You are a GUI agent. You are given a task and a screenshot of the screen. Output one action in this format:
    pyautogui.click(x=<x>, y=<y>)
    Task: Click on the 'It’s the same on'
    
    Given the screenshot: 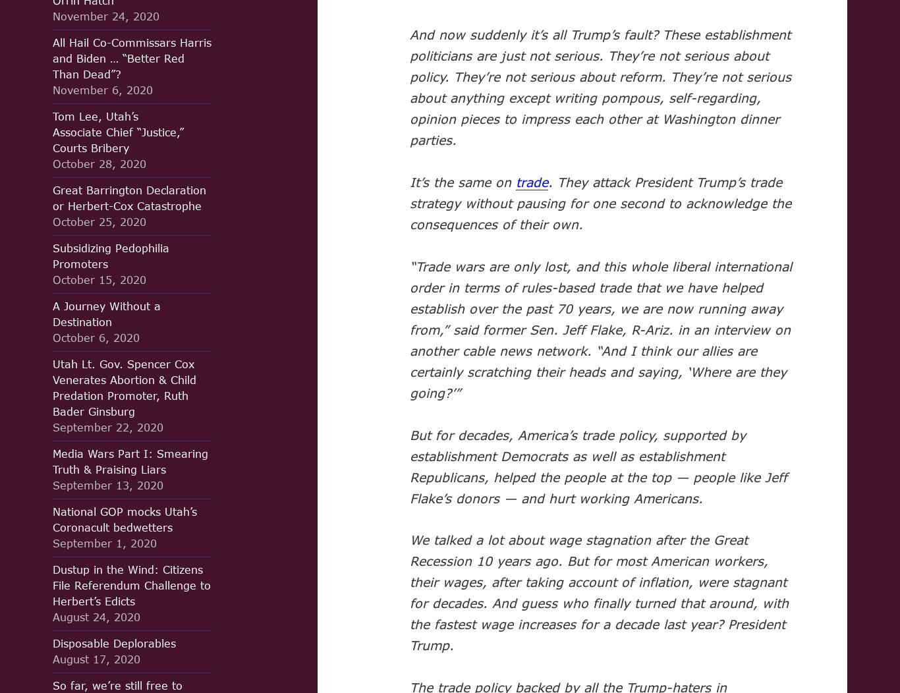 What is the action you would take?
    pyautogui.click(x=460, y=181)
    